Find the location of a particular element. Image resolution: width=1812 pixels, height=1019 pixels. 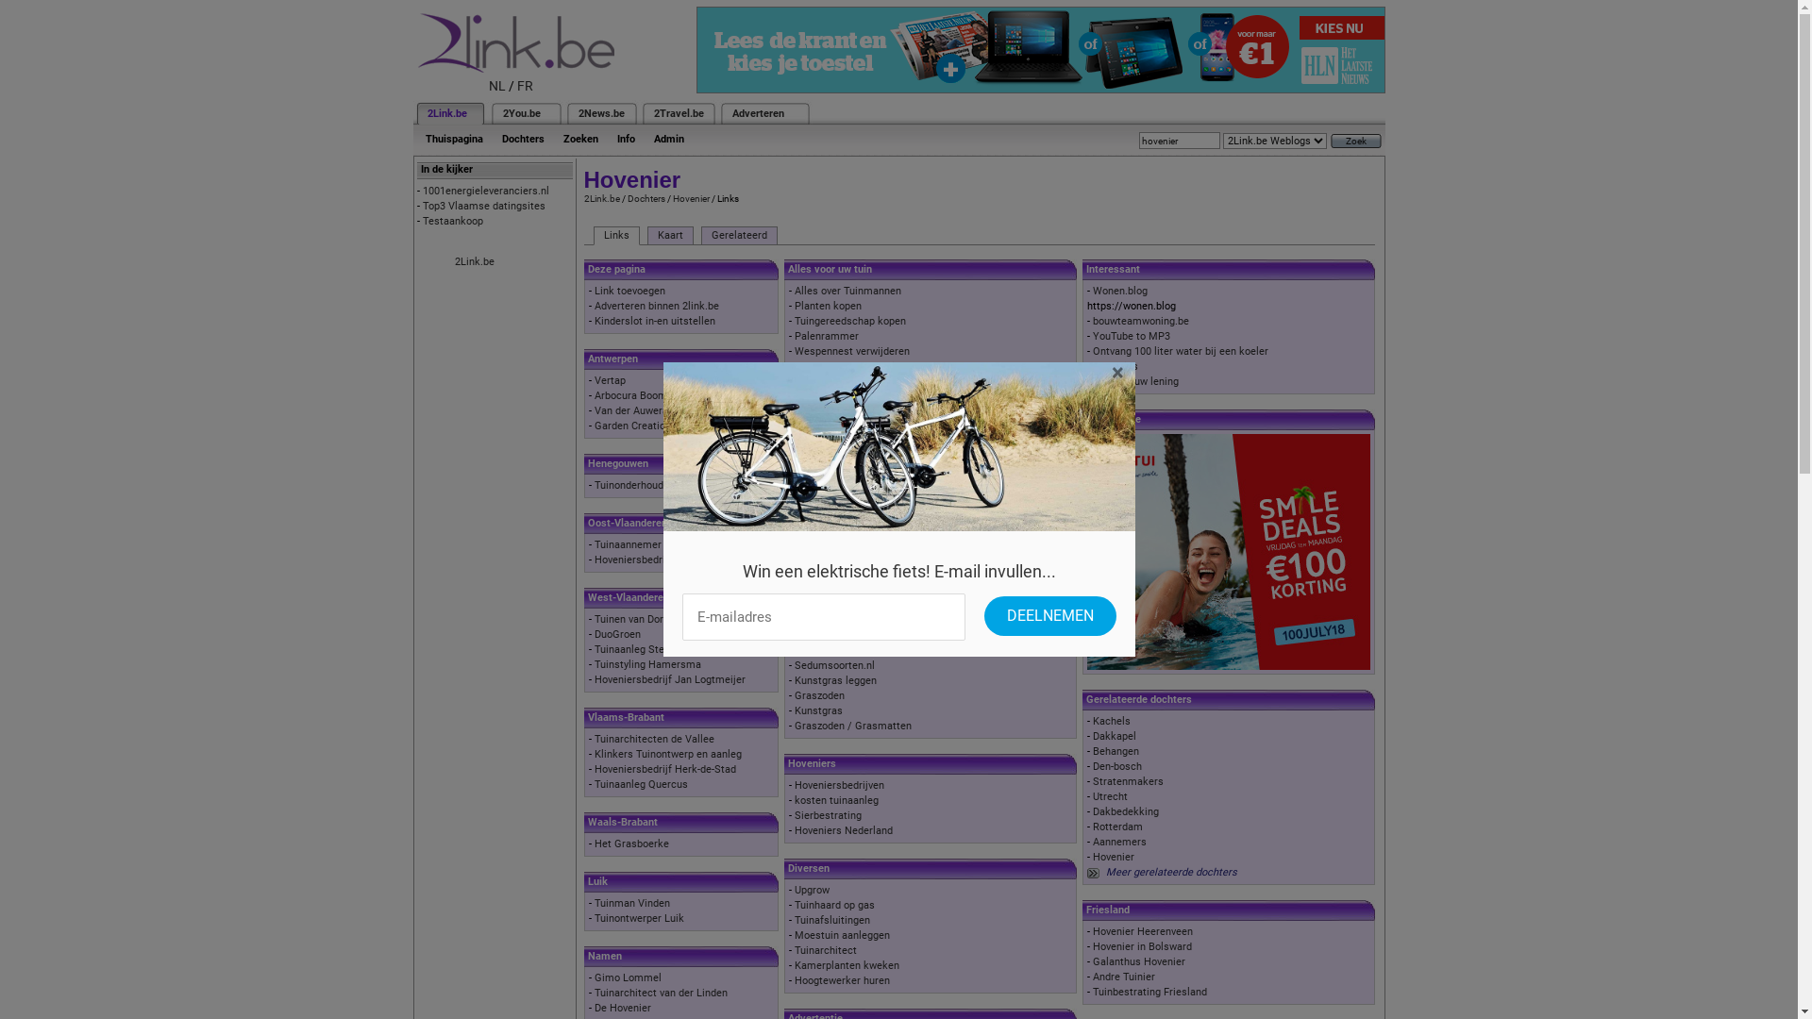

'2Link.be' is located at coordinates (445, 113).